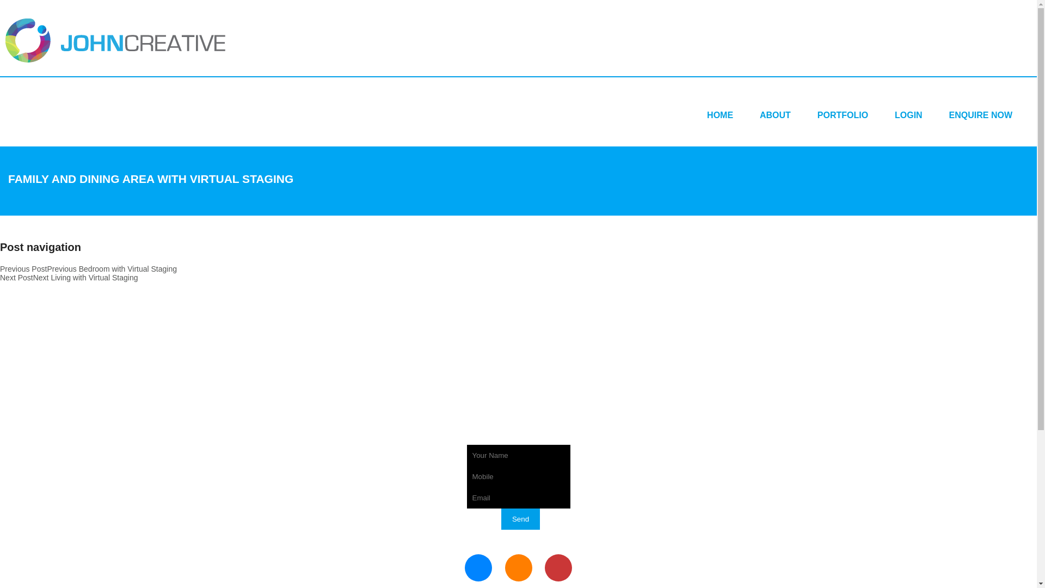 The height and width of the screenshot is (588, 1045). Describe the element at coordinates (842, 115) in the screenshot. I see `'PORTFOLIO'` at that location.